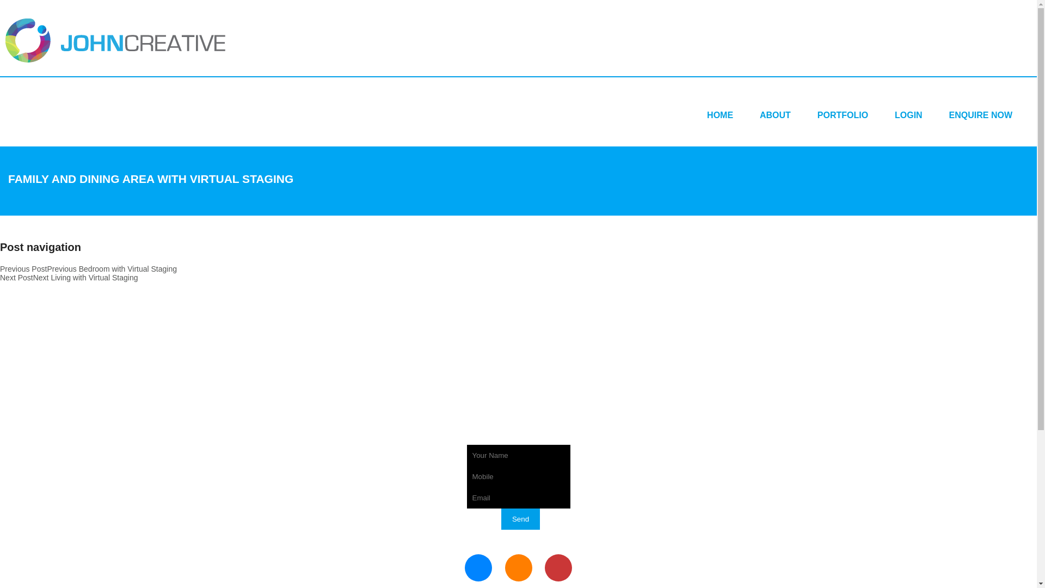 The height and width of the screenshot is (588, 1045). Describe the element at coordinates (842, 115) in the screenshot. I see `'PORTFOLIO'` at that location.